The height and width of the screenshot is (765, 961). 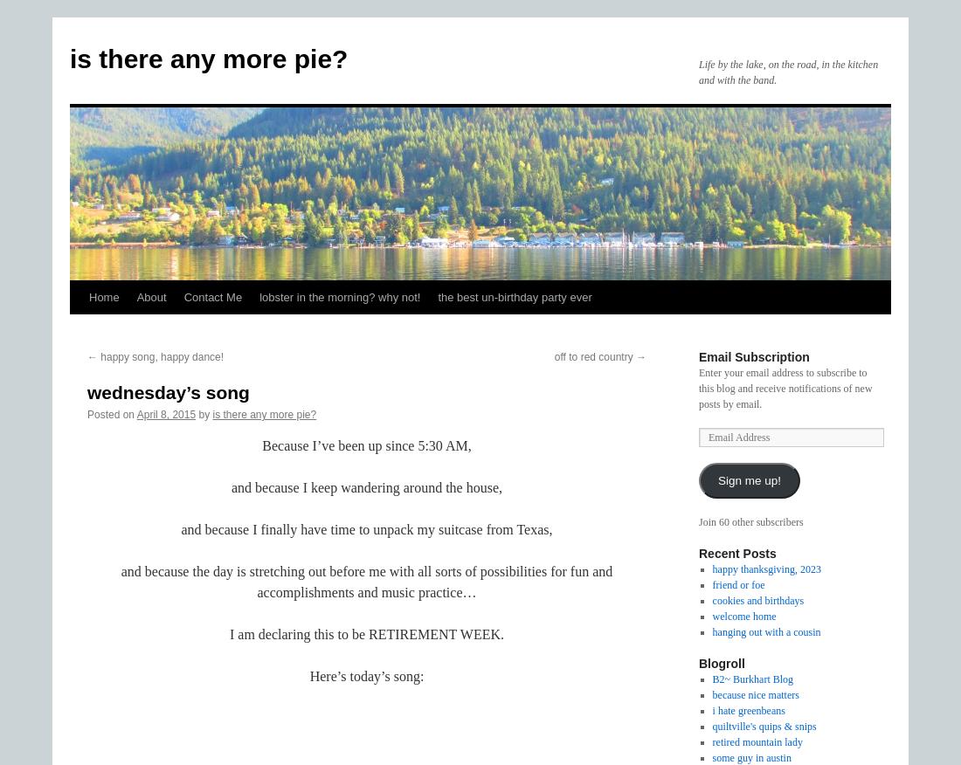 What do you see at coordinates (365, 675) in the screenshot?
I see `'Here’s today’s song:'` at bounding box center [365, 675].